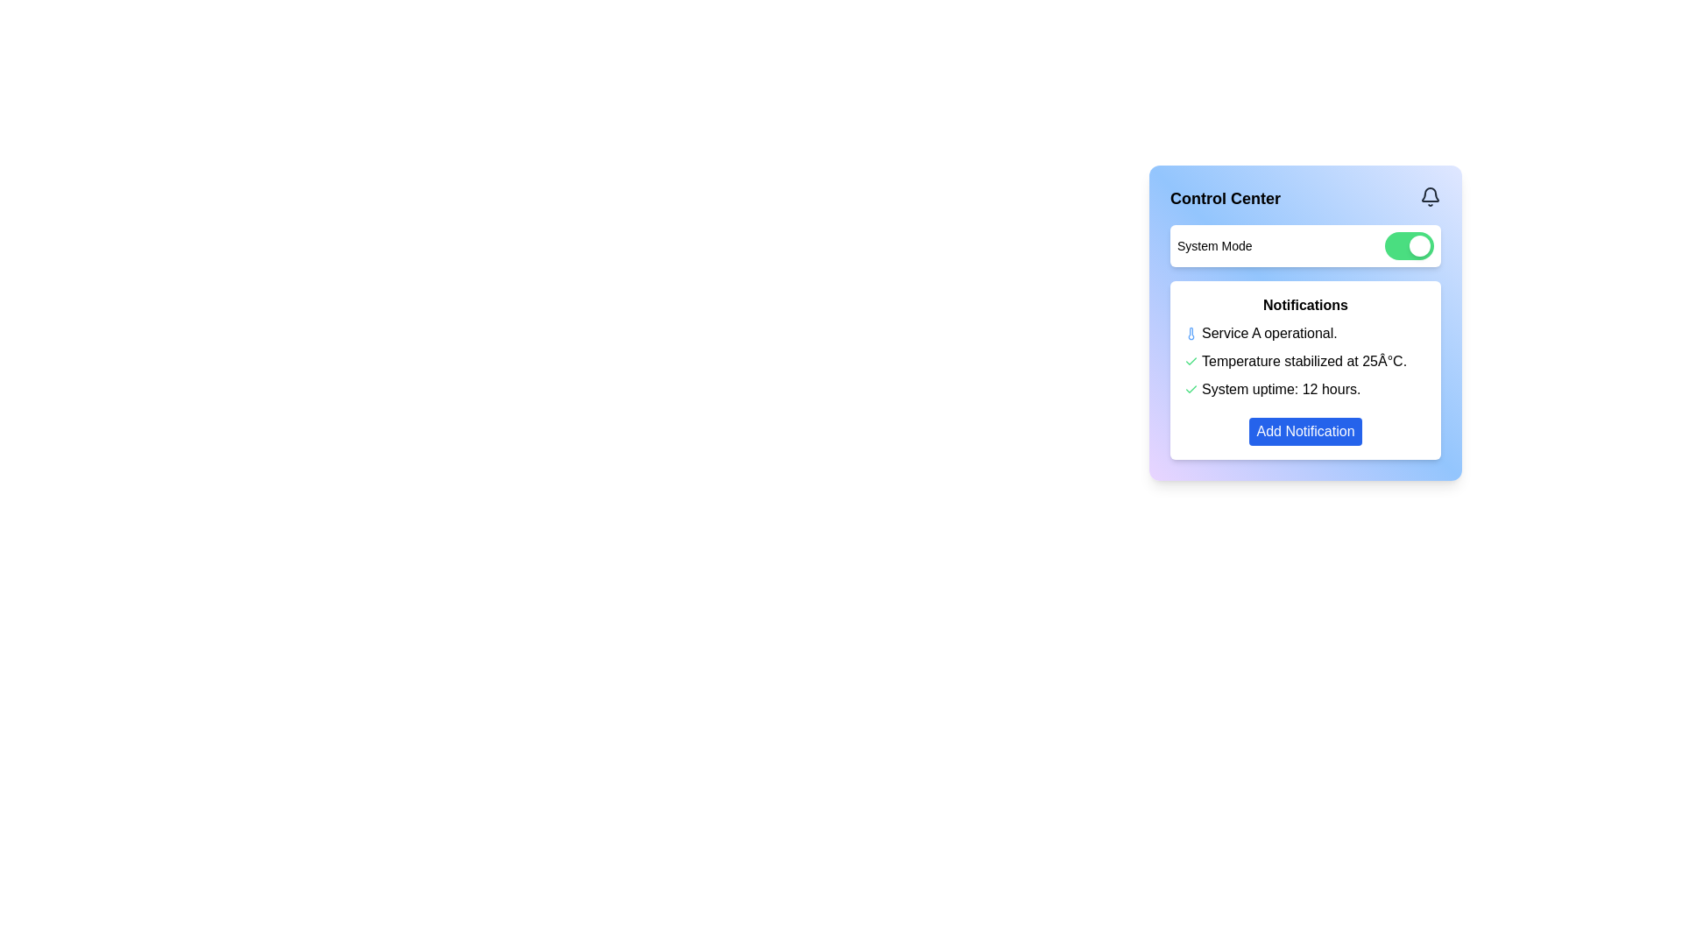 This screenshot has width=1682, height=946. I want to click on the circular toggle knob component of the toggle switch located, so click(1420, 246).